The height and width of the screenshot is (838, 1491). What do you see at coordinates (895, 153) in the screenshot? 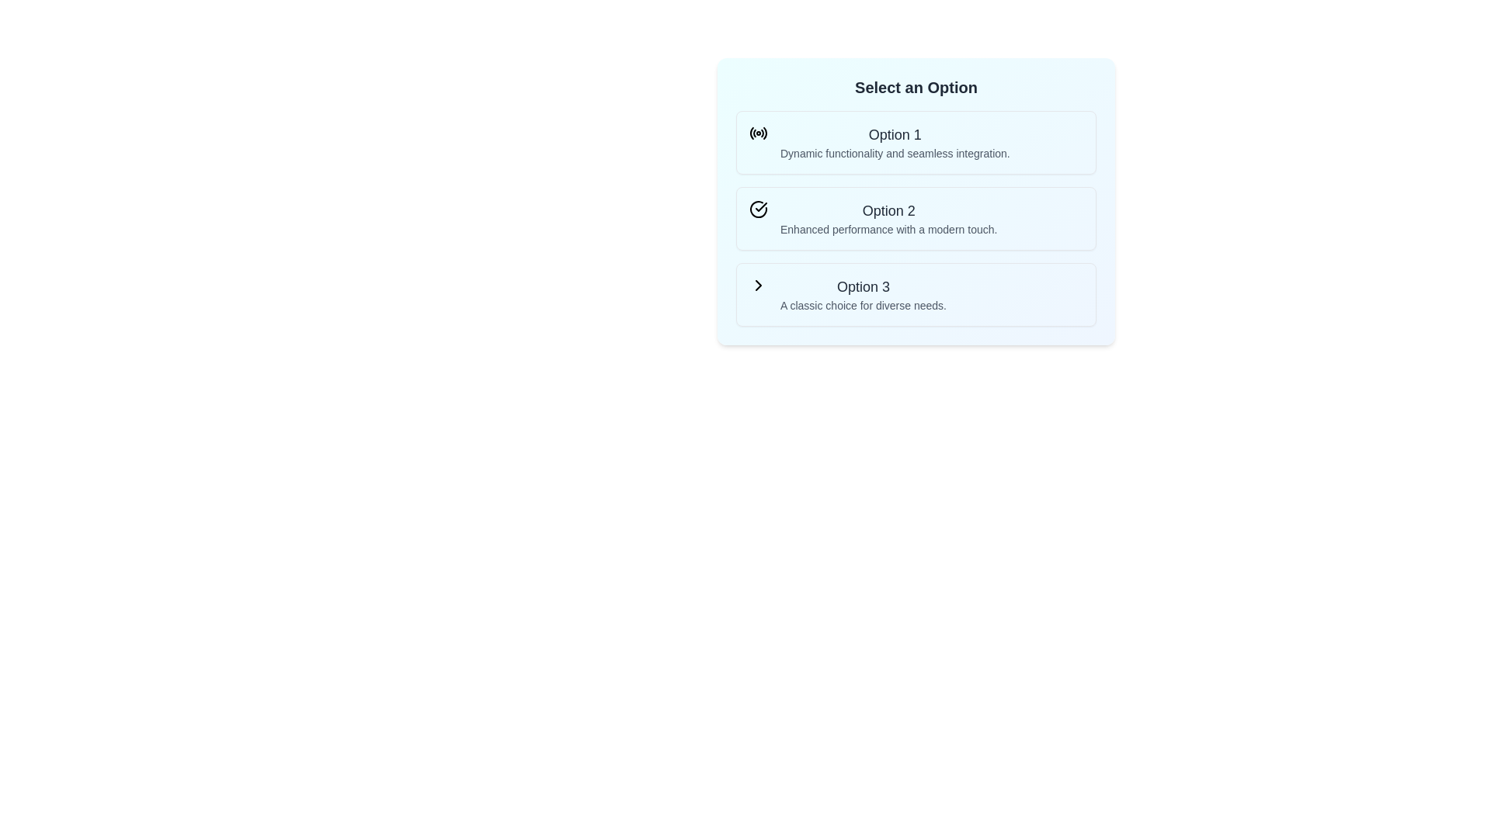
I see `text label that displays 'Dynamic functionality and seamless integration.' located under the 'Option 1' heading` at bounding box center [895, 153].